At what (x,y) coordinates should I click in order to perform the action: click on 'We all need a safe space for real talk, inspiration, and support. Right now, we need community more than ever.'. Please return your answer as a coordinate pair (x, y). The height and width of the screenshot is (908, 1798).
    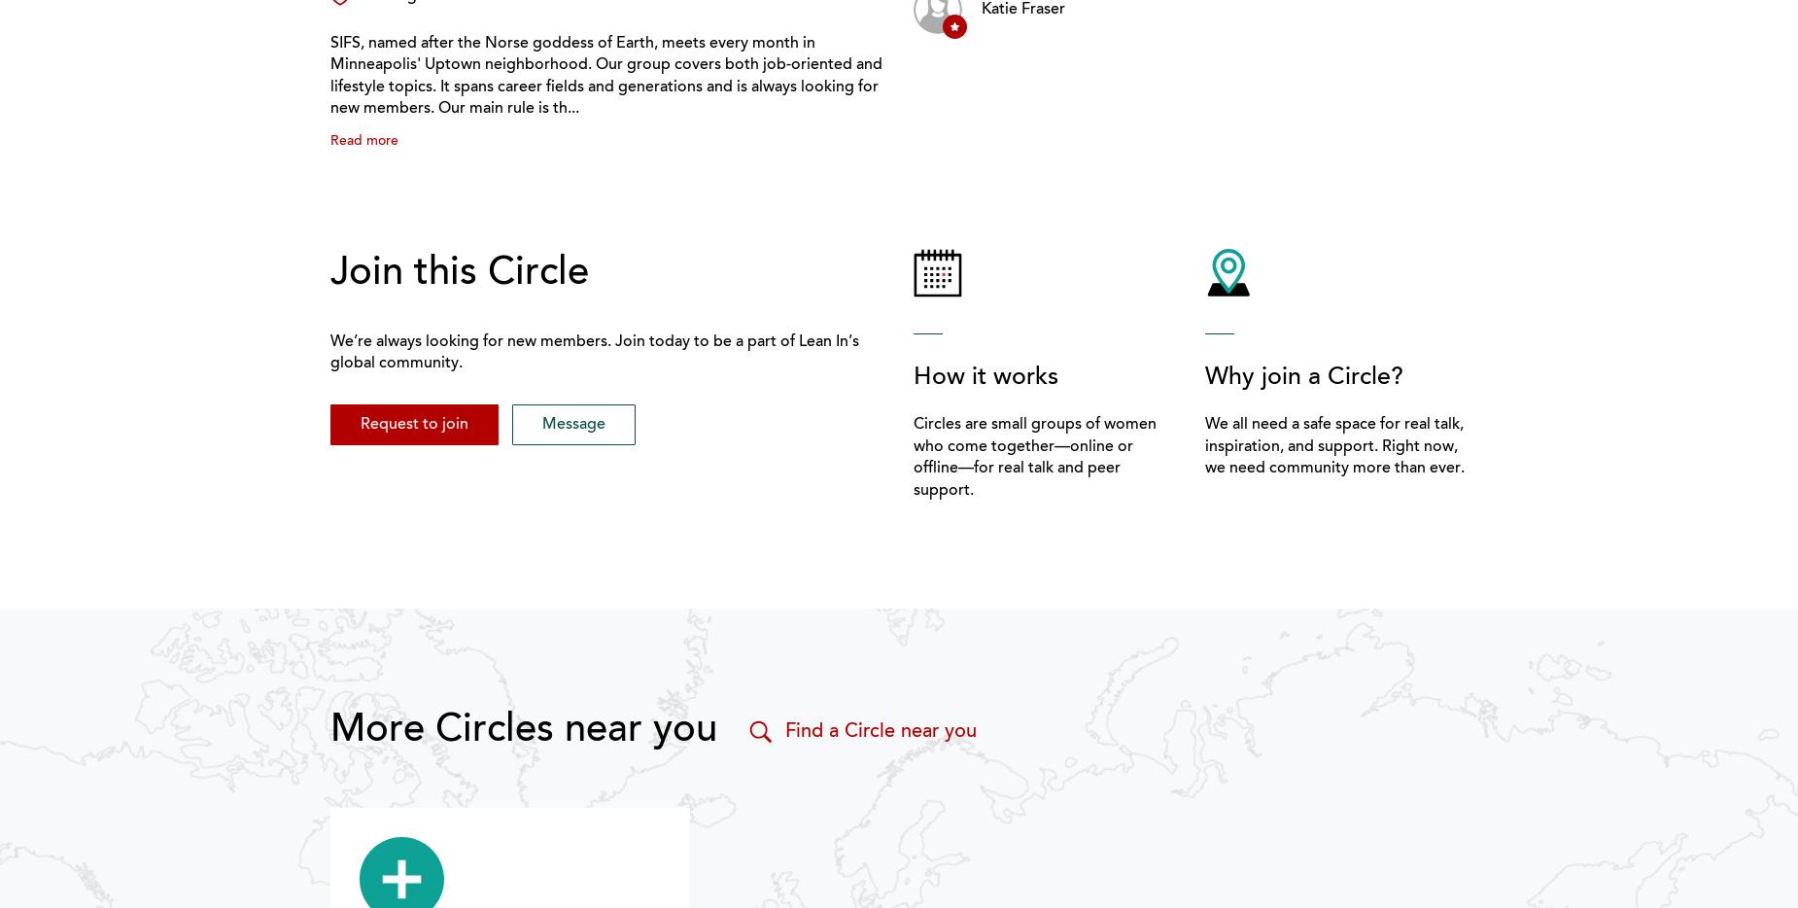
    Looking at the image, I should click on (1333, 446).